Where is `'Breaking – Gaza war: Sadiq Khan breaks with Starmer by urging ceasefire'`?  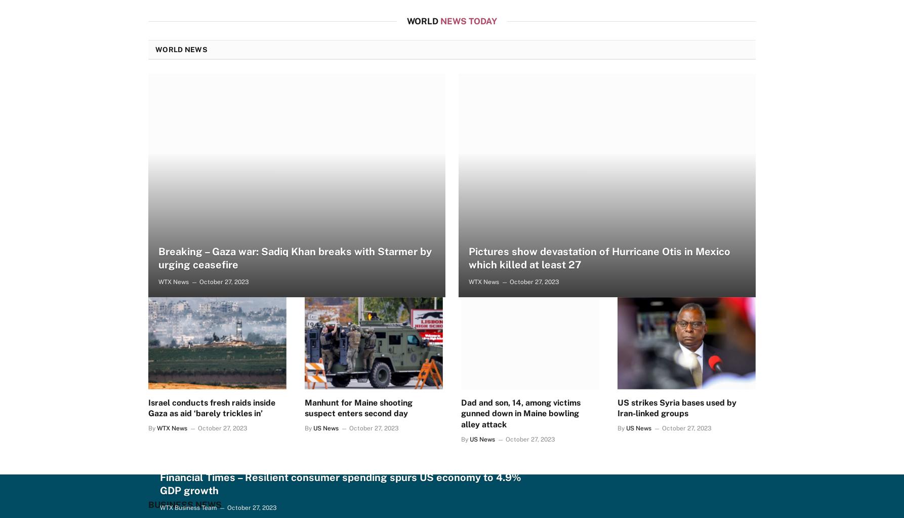
'Breaking – Gaza war: Sadiq Khan breaks with Starmer by urging ceasefire' is located at coordinates (294, 258).